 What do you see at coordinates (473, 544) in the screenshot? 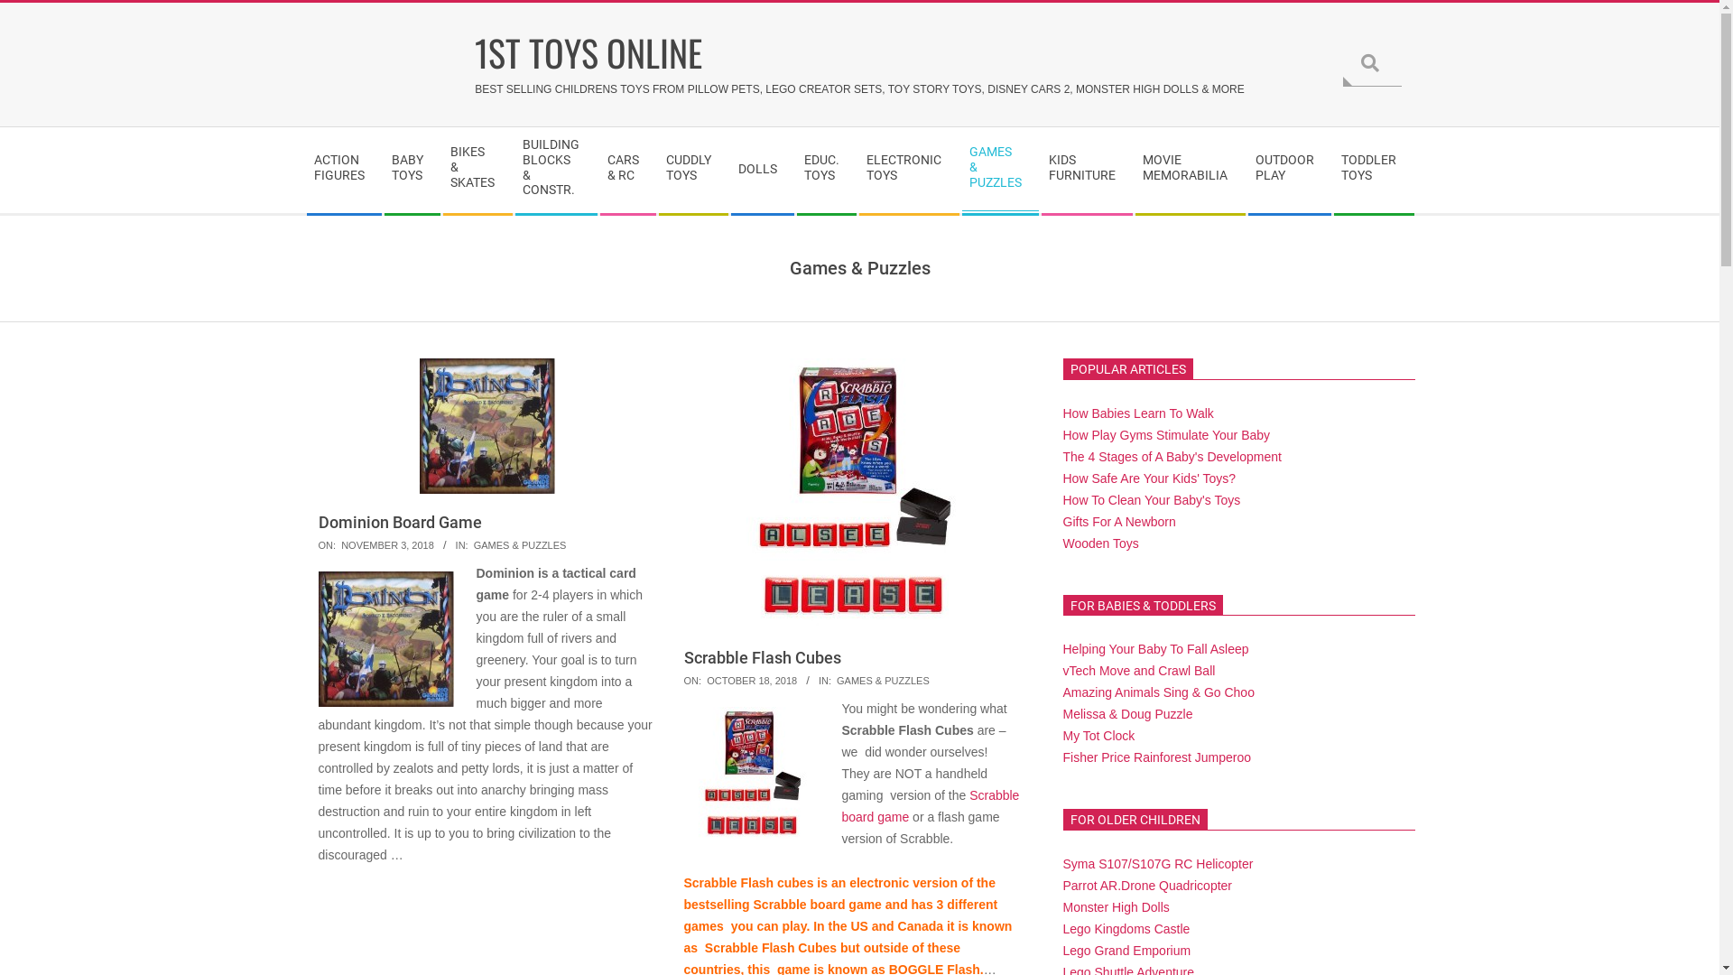
I see `'GAMES & PUZZLES'` at bounding box center [473, 544].